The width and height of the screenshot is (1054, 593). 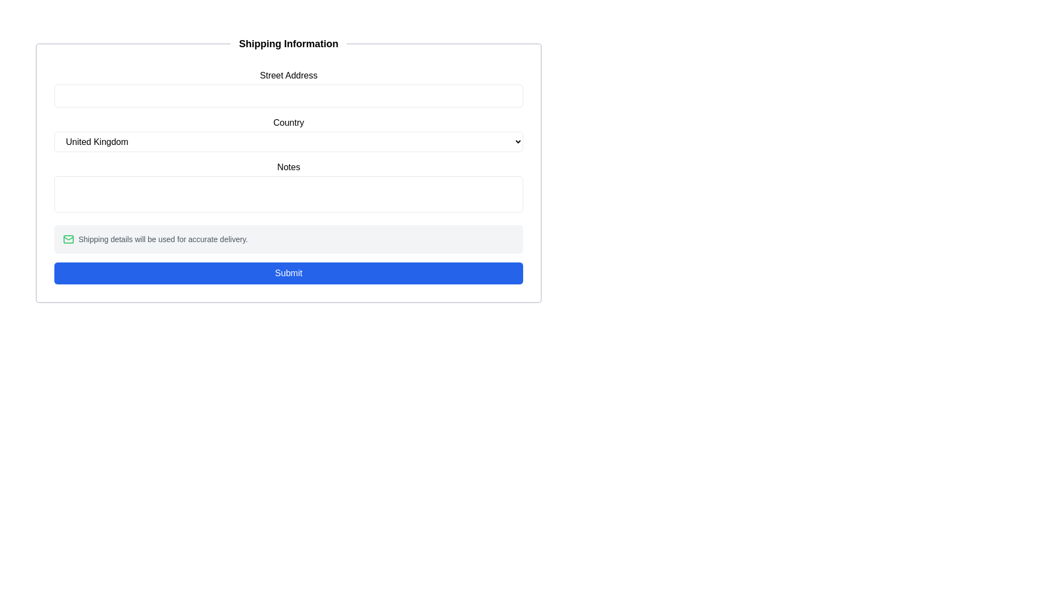 I want to click on the 'Notes' text label, which is displayed in a medium-sized, bold, black font, located above the text area input tied to 'Notes.', so click(x=289, y=167).